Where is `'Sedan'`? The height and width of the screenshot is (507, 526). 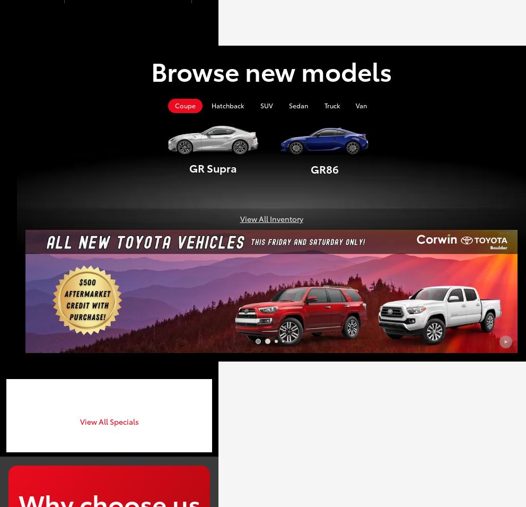
'Sedan' is located at coordinates (298, 105).